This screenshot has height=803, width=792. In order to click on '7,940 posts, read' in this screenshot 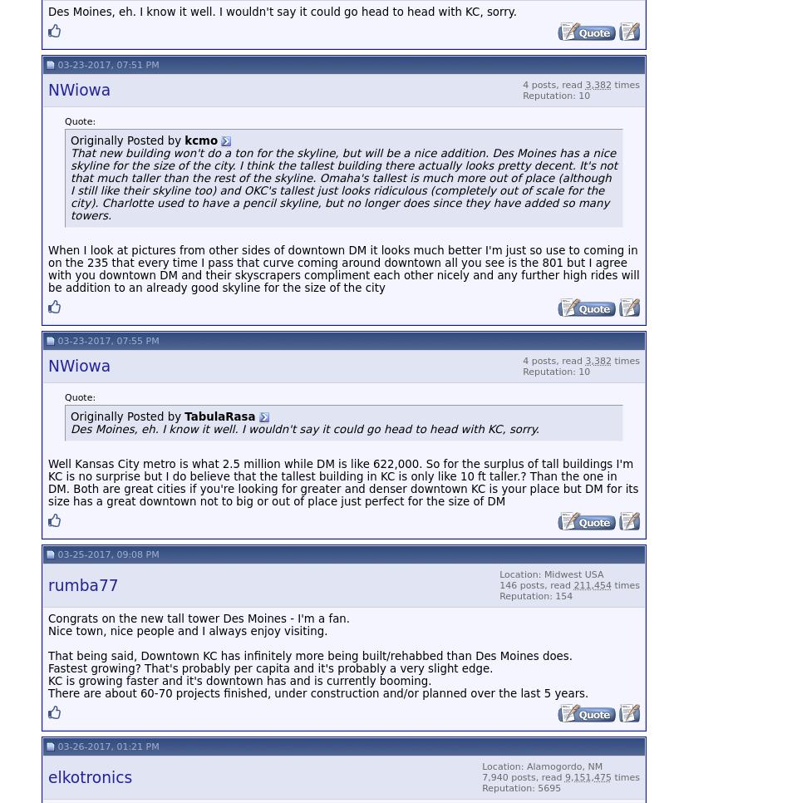, I will do `click(523, 776)`.